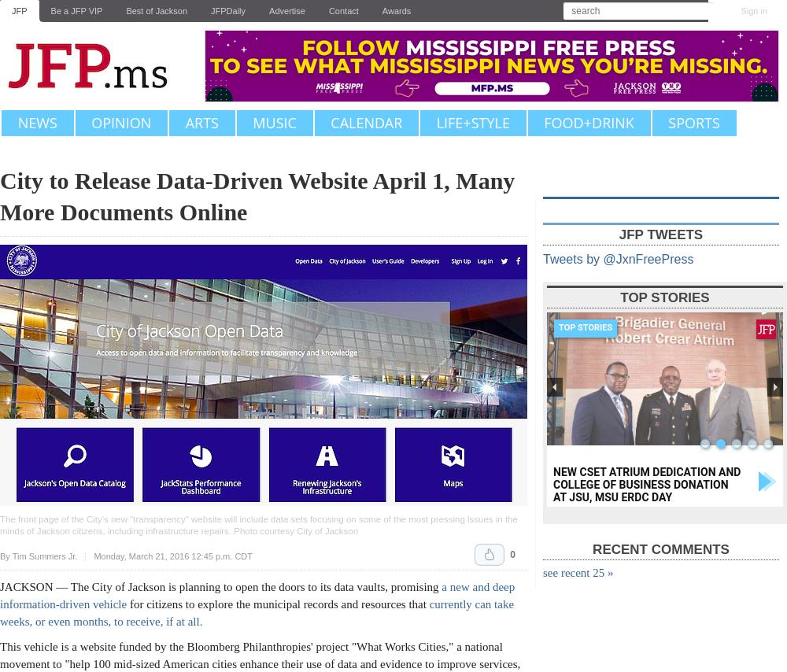  I want to click on 'Arts', so click(184, 123).